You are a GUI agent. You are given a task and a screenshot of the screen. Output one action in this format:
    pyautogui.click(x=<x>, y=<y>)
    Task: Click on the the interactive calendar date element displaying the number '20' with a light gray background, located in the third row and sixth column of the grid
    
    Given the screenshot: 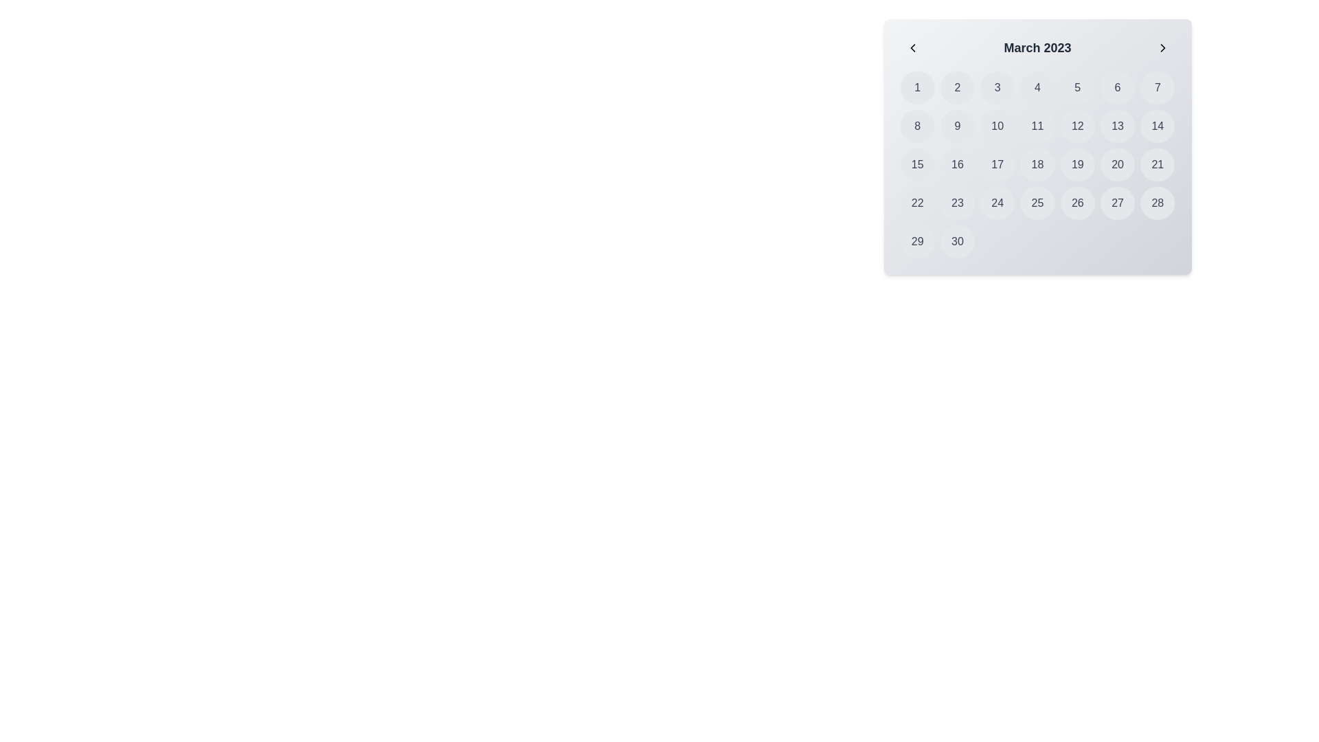 What is the action you would take?
    pyautogui.click(x=1118, y=164)
    